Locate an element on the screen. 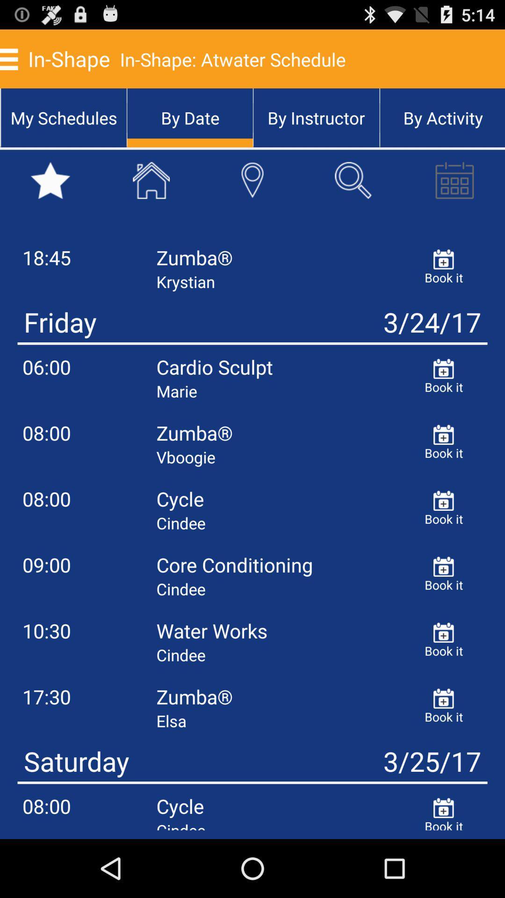  the avatar icon is located at coordinates (252, 192).